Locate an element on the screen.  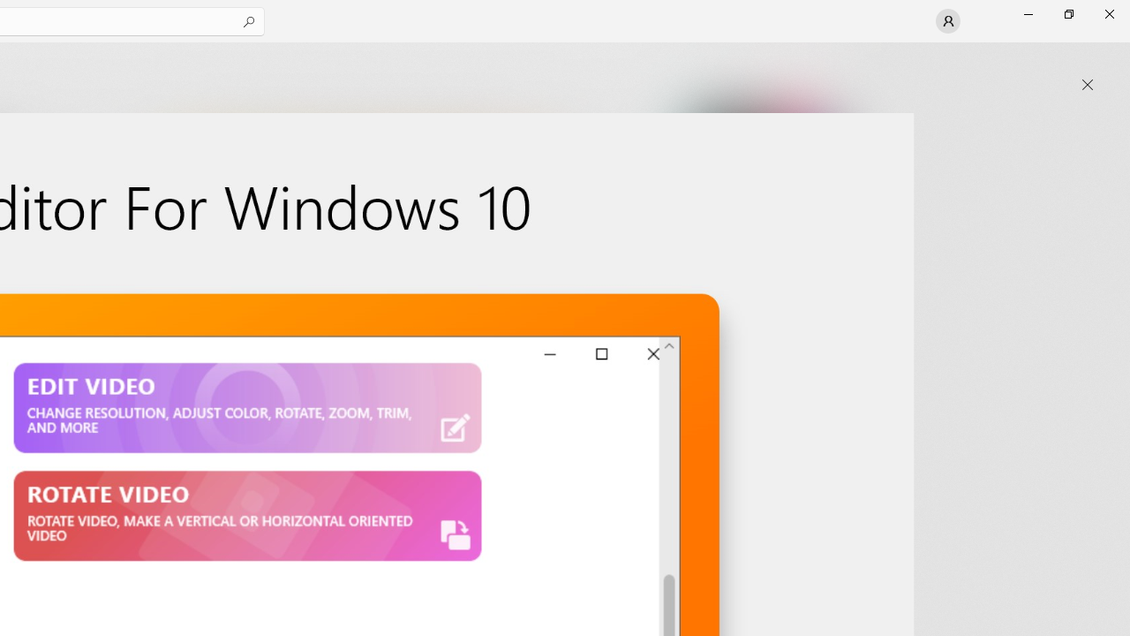
'Minimize Microsoft Store' is located at coordinates (1028, 13).